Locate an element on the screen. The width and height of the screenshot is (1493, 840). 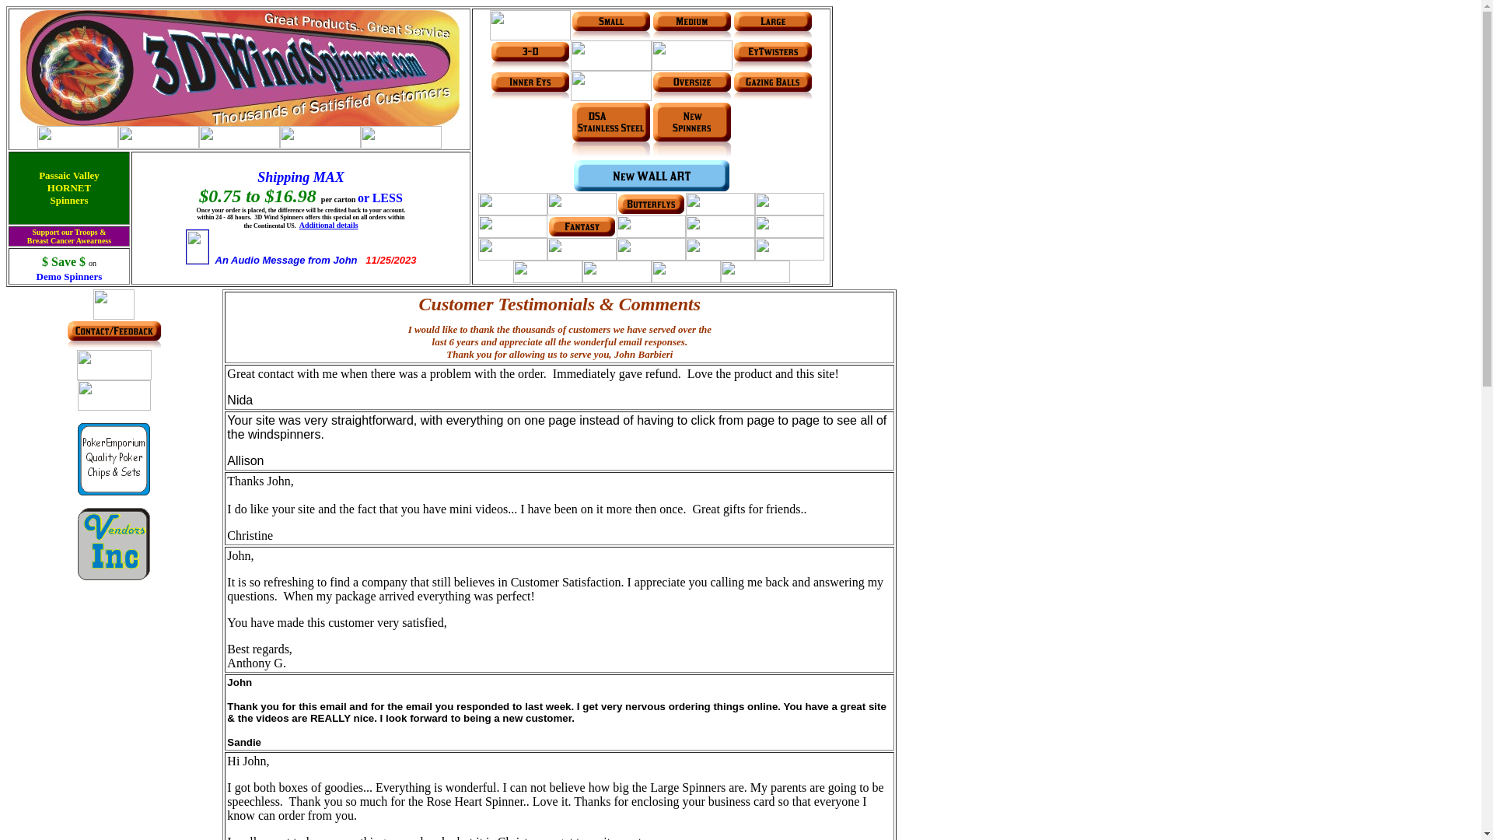
'Demo Spinners' is located at coordinates (37, 275).